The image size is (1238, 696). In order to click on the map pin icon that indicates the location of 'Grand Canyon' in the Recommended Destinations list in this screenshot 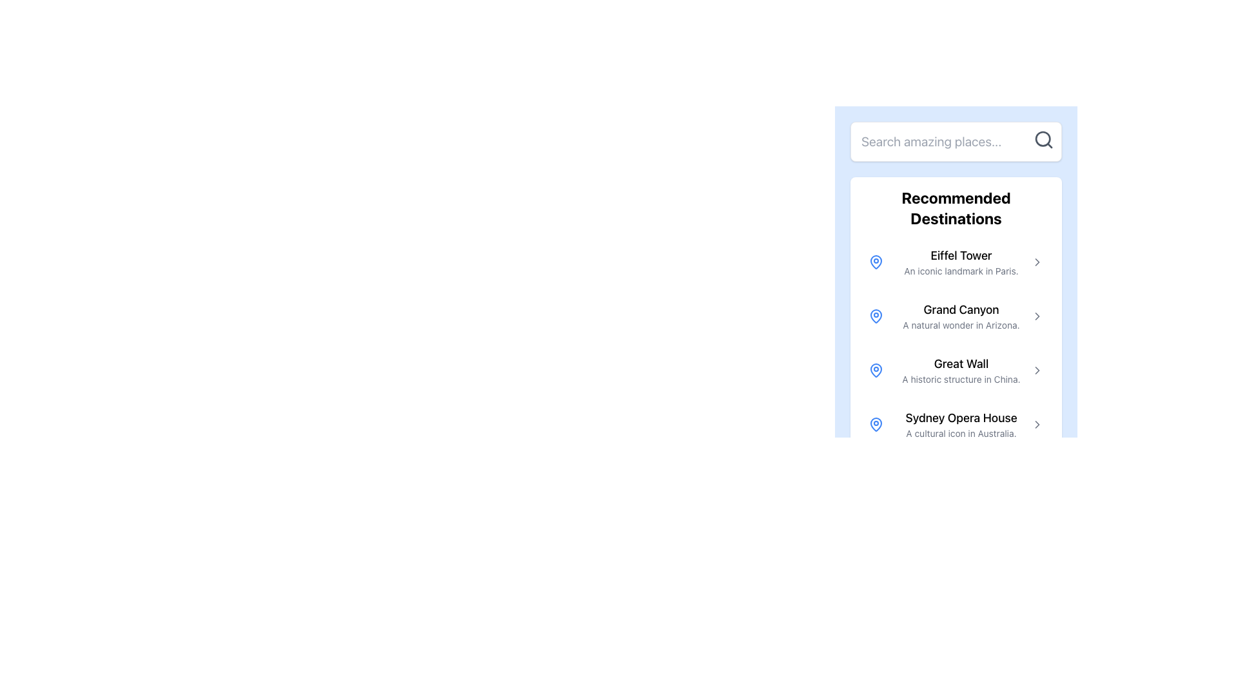, I will do `click(876, 315)`.